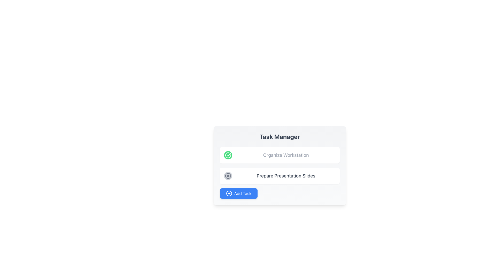  I want to click on the dismissable action button located to the left of the 'Prepare Presentation Slides' text, so click(228, 176).